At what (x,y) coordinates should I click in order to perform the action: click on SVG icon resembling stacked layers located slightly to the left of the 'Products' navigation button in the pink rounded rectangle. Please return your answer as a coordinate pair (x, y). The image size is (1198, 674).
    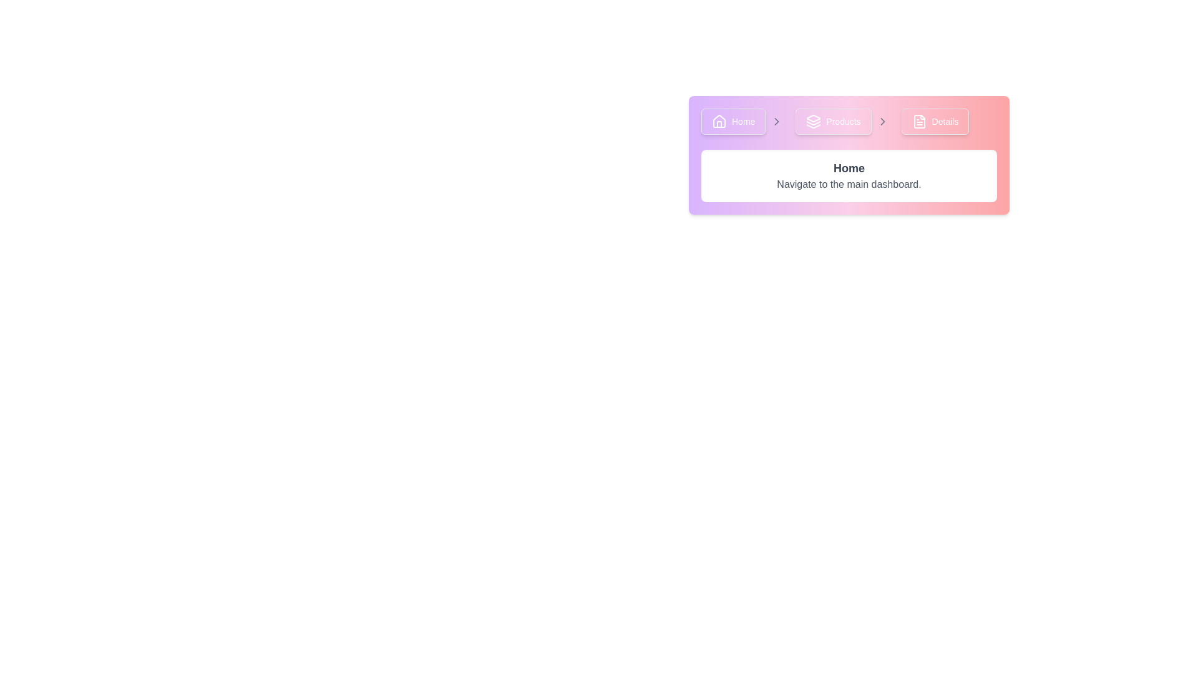
    Looking at the image, I should click on (814, 122).